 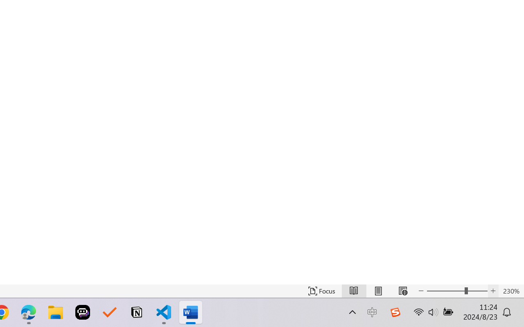 I want to click on 'Text Size', so click(x=456, y=291).